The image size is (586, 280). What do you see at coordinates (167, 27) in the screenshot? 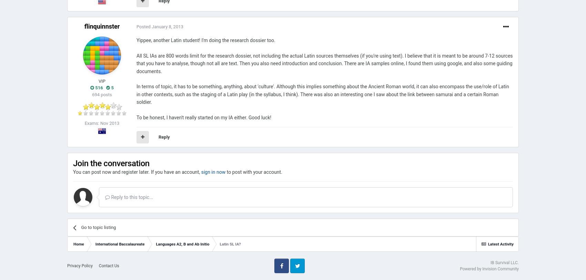
I see `'January 8, 2013'` at bounding box center [167, 27].